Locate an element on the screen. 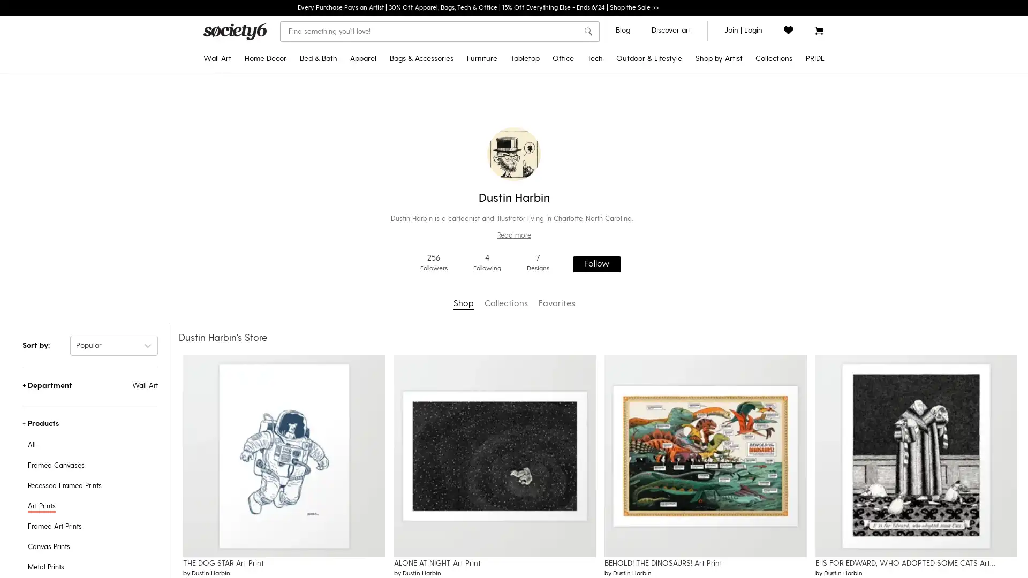  Jigsaw Puzzles is located at coordinates (589, 138).